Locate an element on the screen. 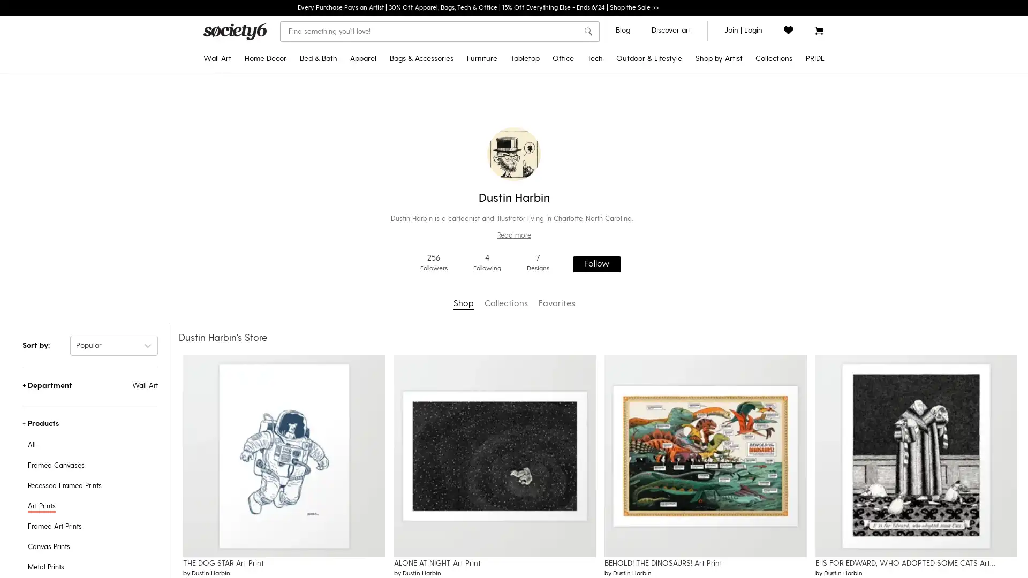  Jigsaw Puzzles is located at coordinates (589, 138).